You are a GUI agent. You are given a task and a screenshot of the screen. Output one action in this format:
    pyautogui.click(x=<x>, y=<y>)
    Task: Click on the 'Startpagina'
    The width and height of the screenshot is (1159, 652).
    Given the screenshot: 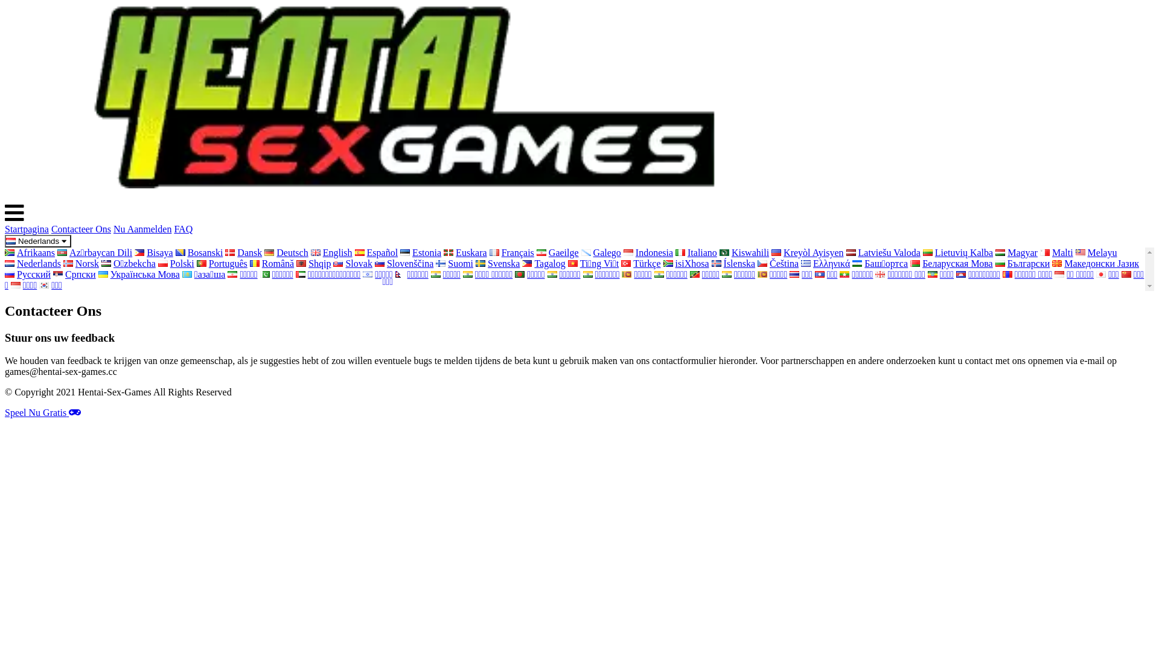 What is the action you would take?
    pyautogui.click(x=5, y=229)
    